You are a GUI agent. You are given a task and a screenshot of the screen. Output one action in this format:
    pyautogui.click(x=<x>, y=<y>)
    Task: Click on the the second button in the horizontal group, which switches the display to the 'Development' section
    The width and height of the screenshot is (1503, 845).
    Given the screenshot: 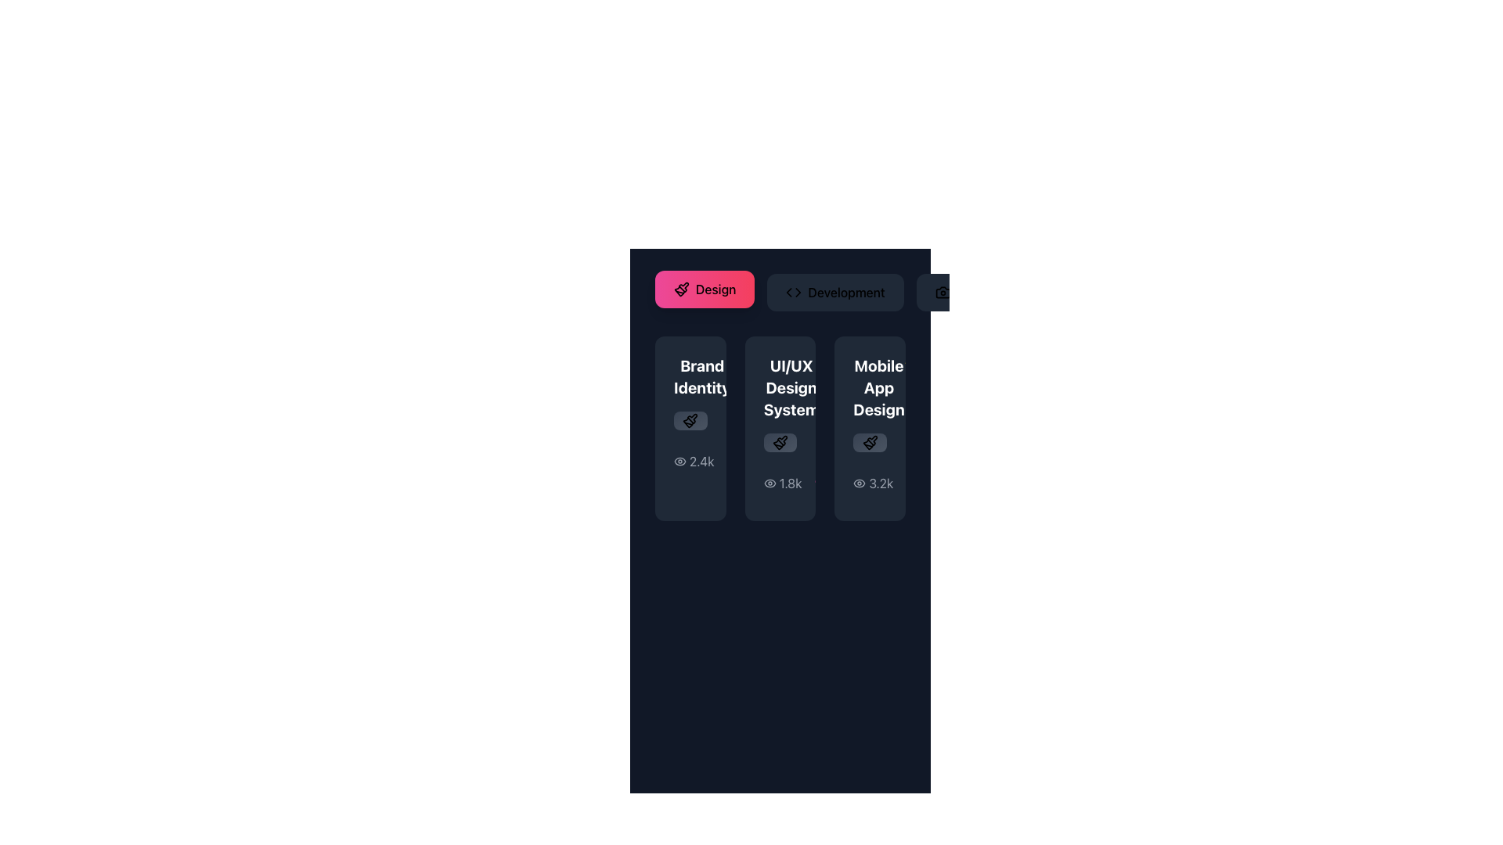 What is the action you would take?
    pyautogui.click(x=780, y=293)
    